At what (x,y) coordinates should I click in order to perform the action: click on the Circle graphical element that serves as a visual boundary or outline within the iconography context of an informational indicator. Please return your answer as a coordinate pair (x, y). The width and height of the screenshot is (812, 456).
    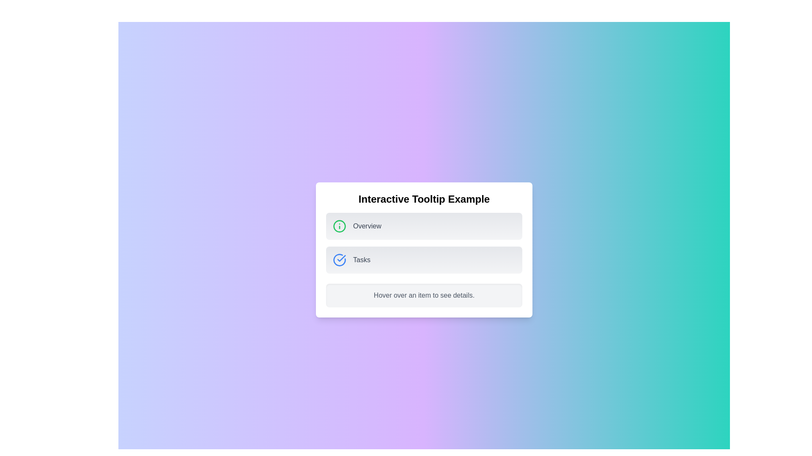
    Looking at the image, I should click on (339, 226).